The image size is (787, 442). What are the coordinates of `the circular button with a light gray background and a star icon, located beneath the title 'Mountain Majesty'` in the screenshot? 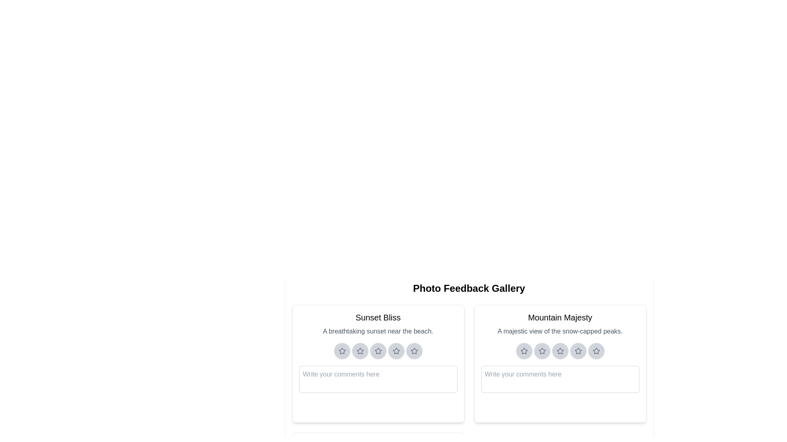 It's located at (578, 350).